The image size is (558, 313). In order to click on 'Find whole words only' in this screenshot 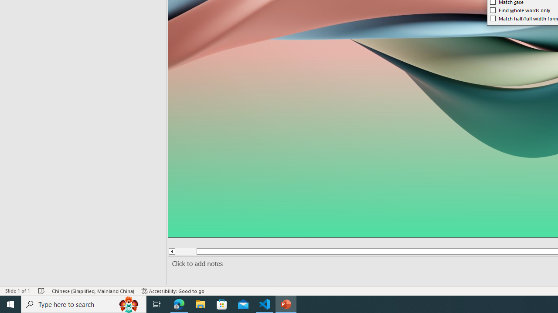, I will do `click(521, 10)`.